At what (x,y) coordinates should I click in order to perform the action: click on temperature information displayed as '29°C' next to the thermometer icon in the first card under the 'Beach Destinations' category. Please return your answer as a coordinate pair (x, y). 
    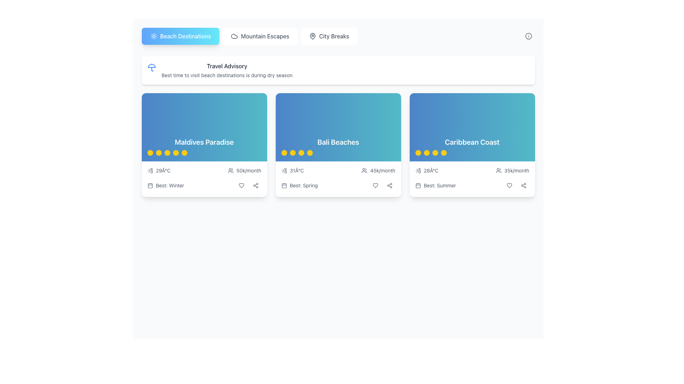
    Looking at the image, I should click on (159, 170).